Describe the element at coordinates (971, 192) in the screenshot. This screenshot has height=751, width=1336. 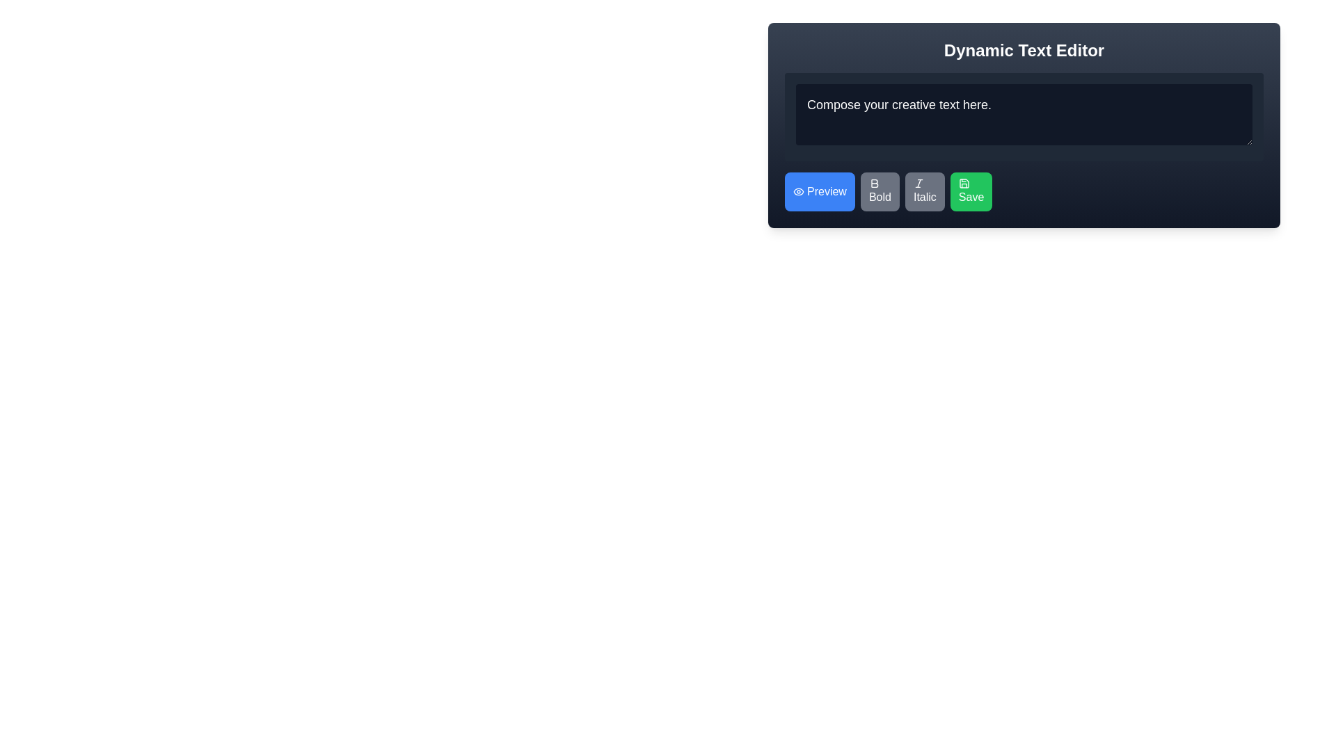
I see `the 'Save' button with a green background and white text in the toolbar below the 'Dynamic Text Editor'` at that location.